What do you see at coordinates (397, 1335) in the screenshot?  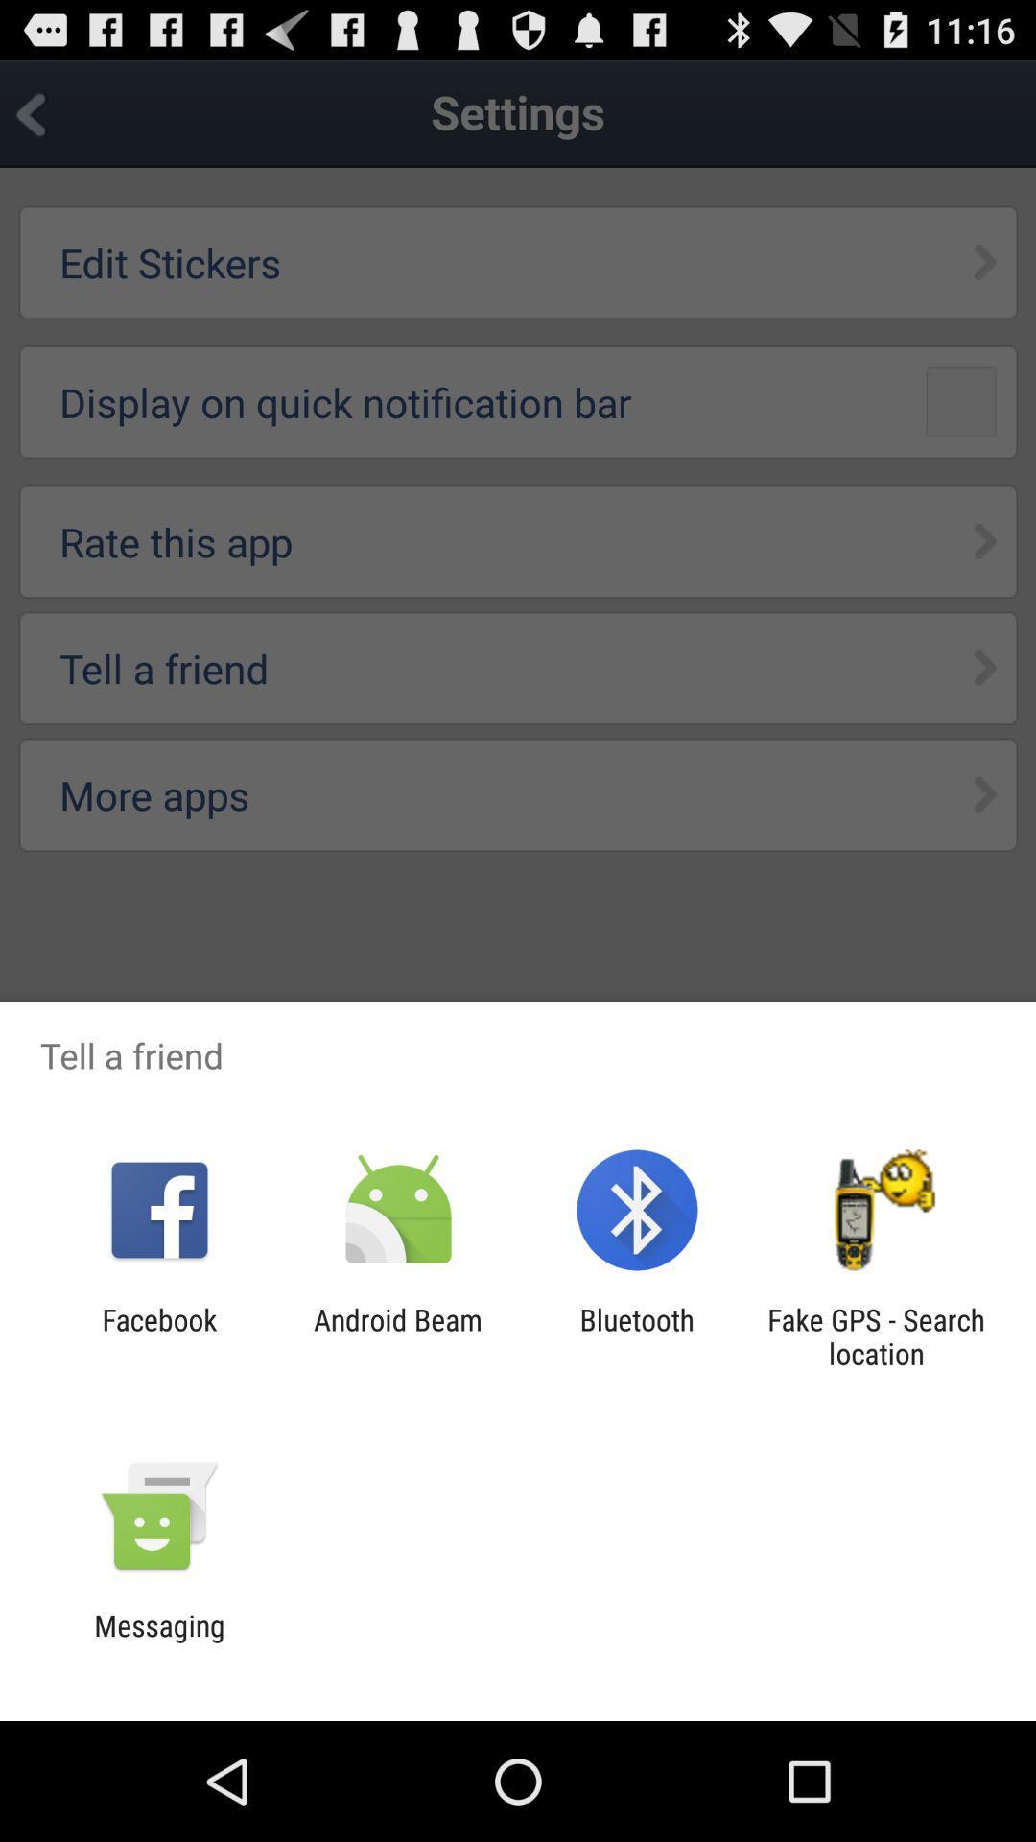 I see `the icon to the right of facebook` at bounding box center [397, 1335].